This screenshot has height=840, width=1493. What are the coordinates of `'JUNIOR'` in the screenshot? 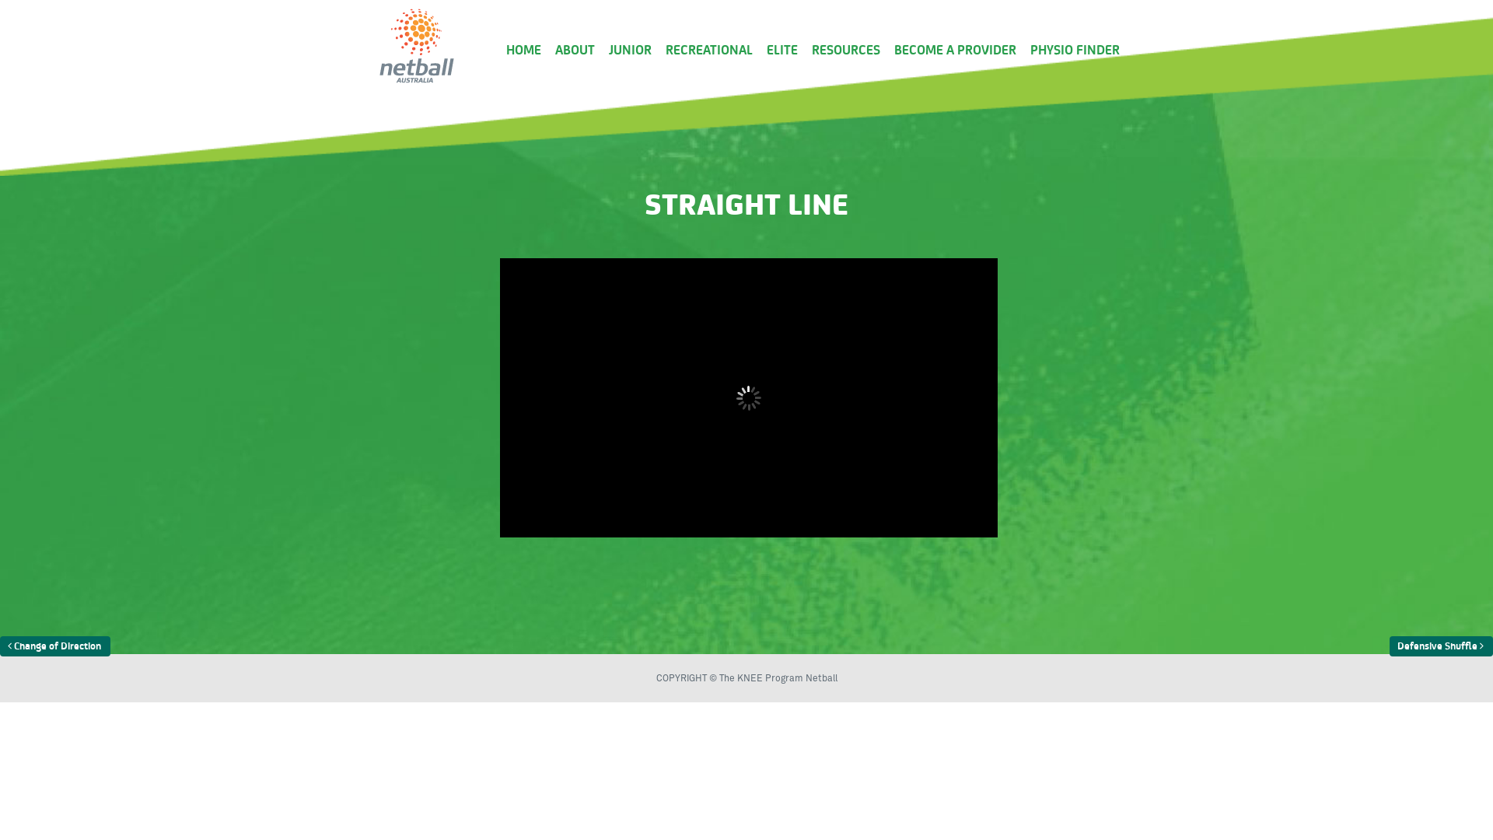 It's located at (593, 49).